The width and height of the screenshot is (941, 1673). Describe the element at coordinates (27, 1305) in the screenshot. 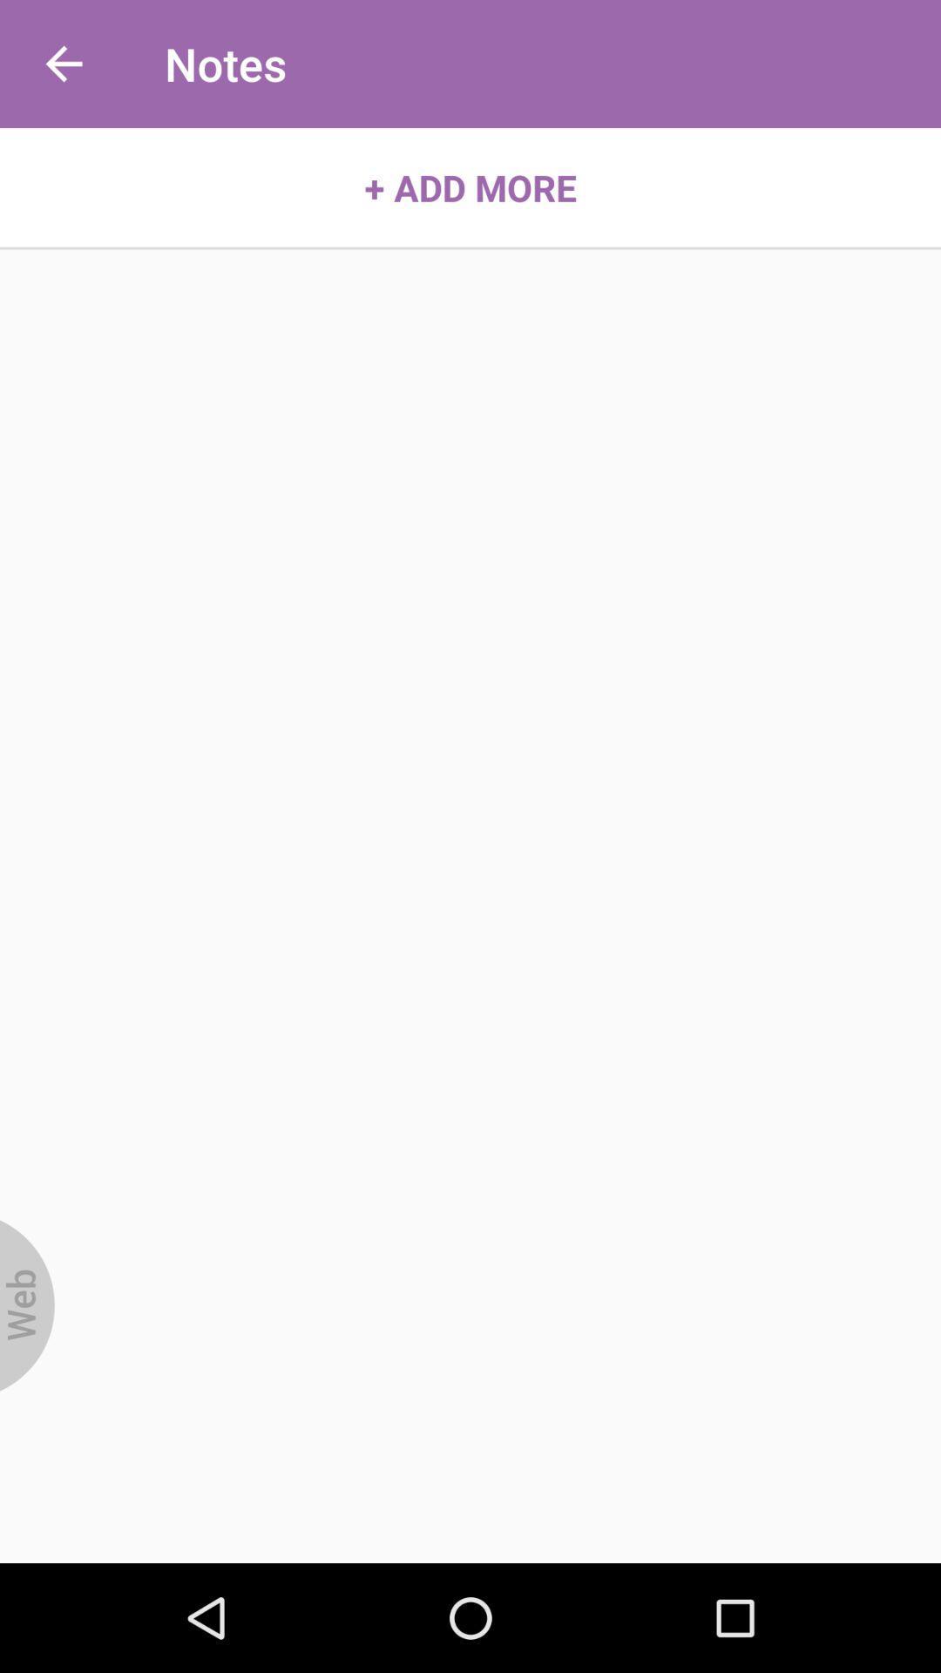

I see `item below + add more item` at that location.